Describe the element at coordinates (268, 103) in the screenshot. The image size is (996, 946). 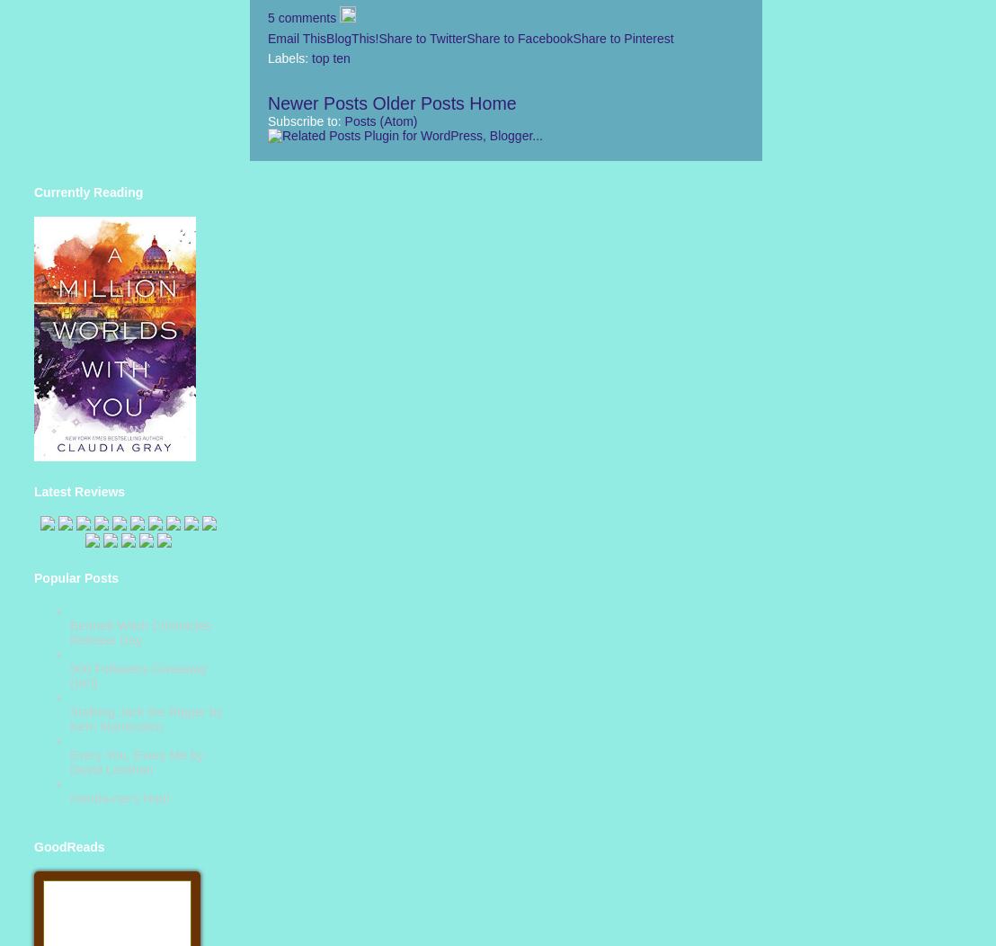
I see `'Newer Posts'` at that location.